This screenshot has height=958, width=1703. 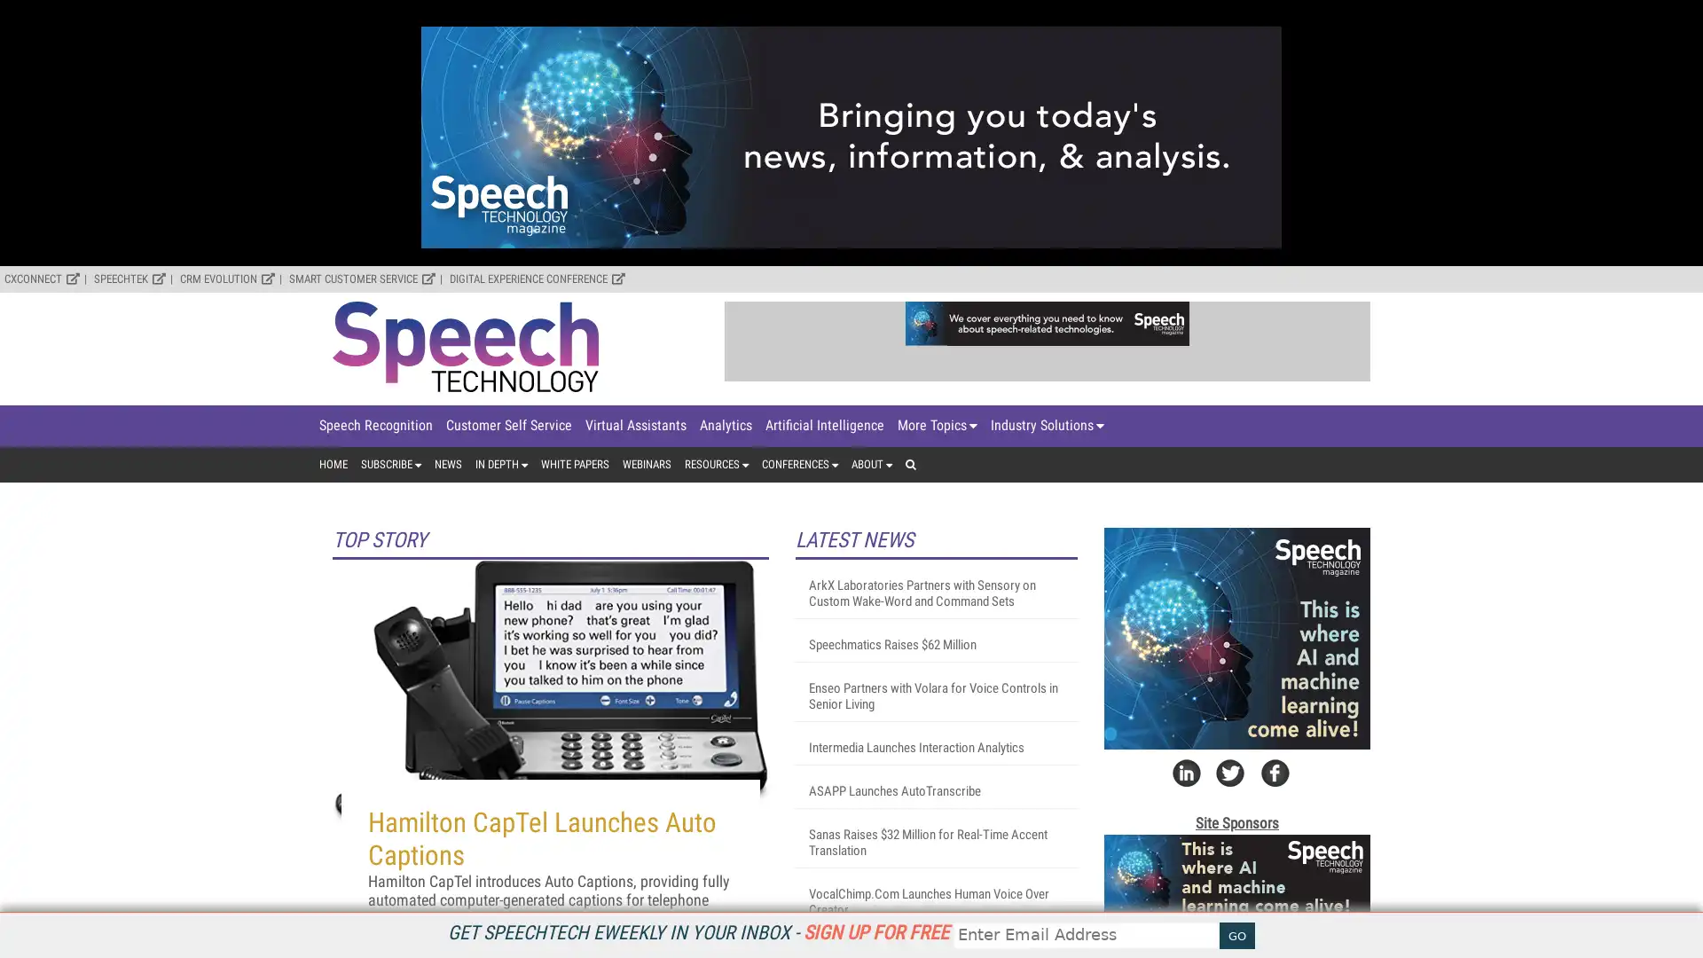 What do you see at coordinates (1236, 935) in the screenshot?
I see `GO` at bounding box center [1236, 935].